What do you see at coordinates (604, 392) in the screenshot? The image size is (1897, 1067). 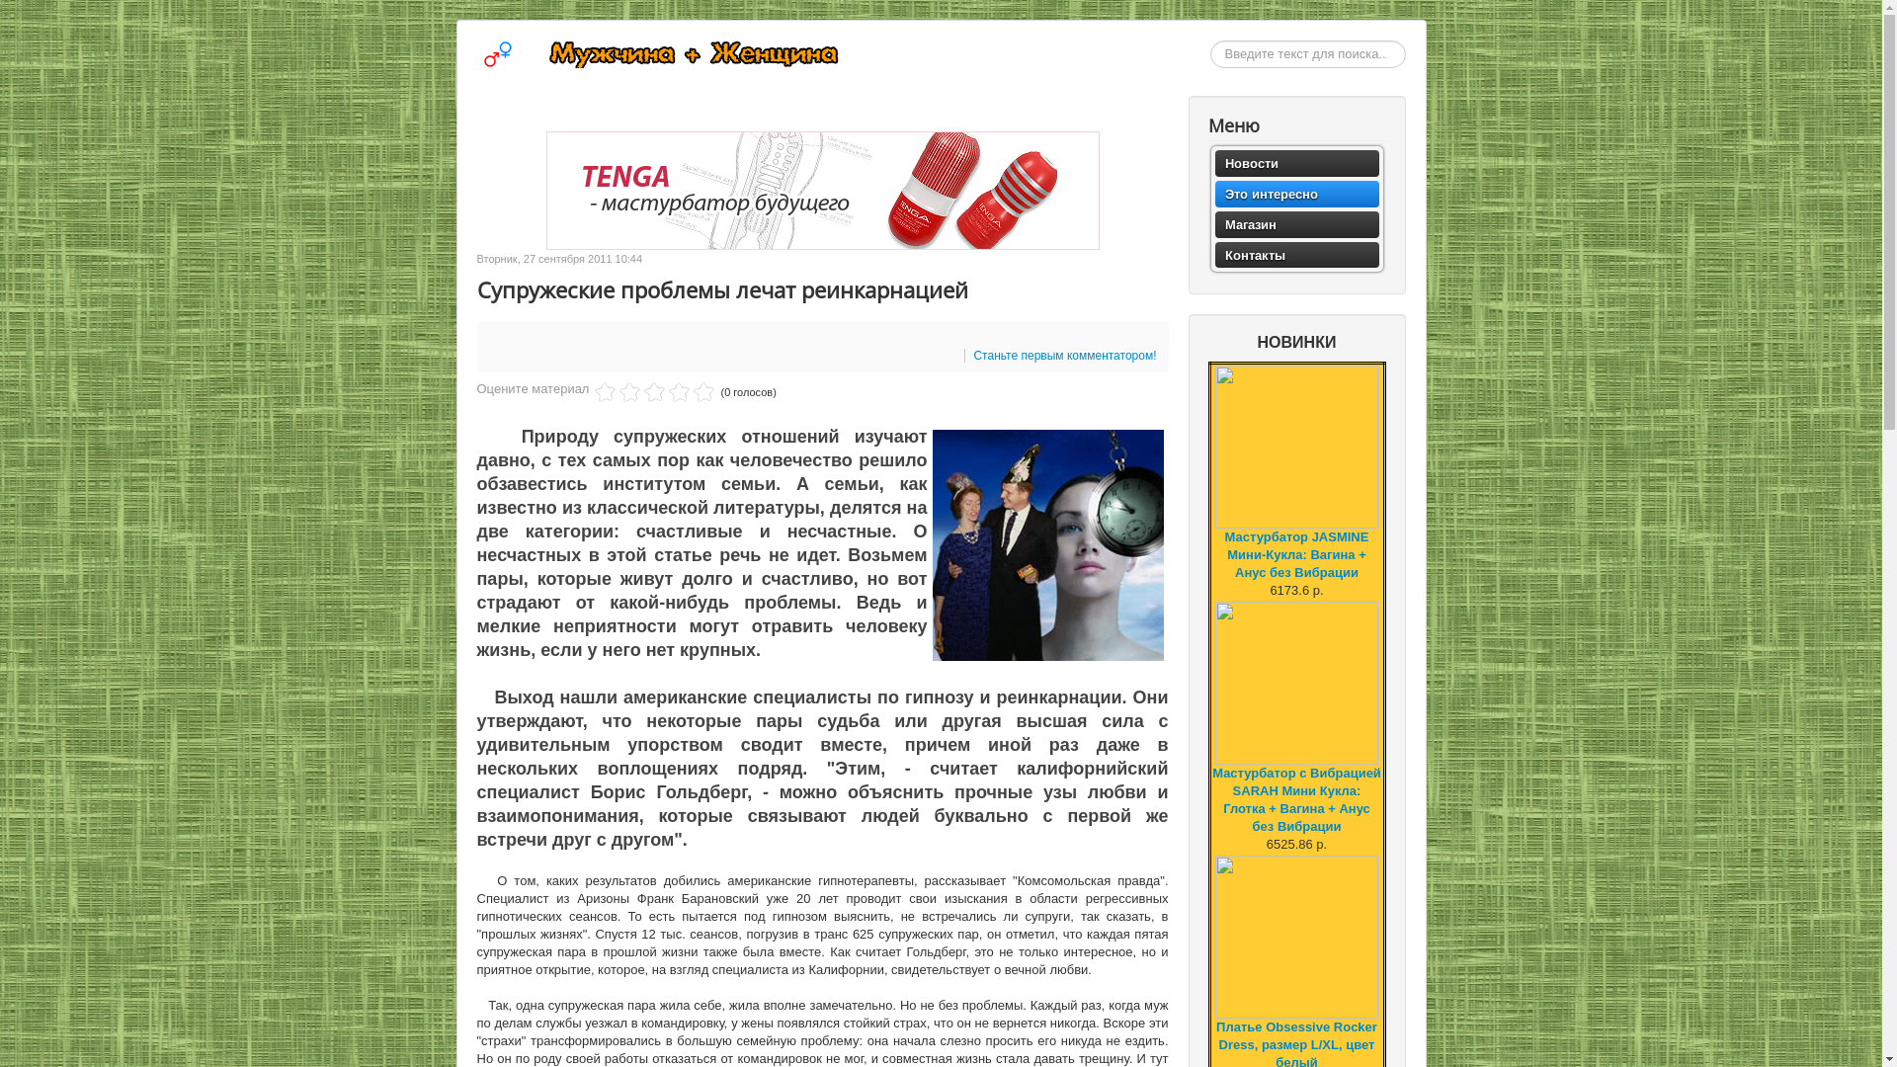 I see `'1'` at bounding box center [604, 392].